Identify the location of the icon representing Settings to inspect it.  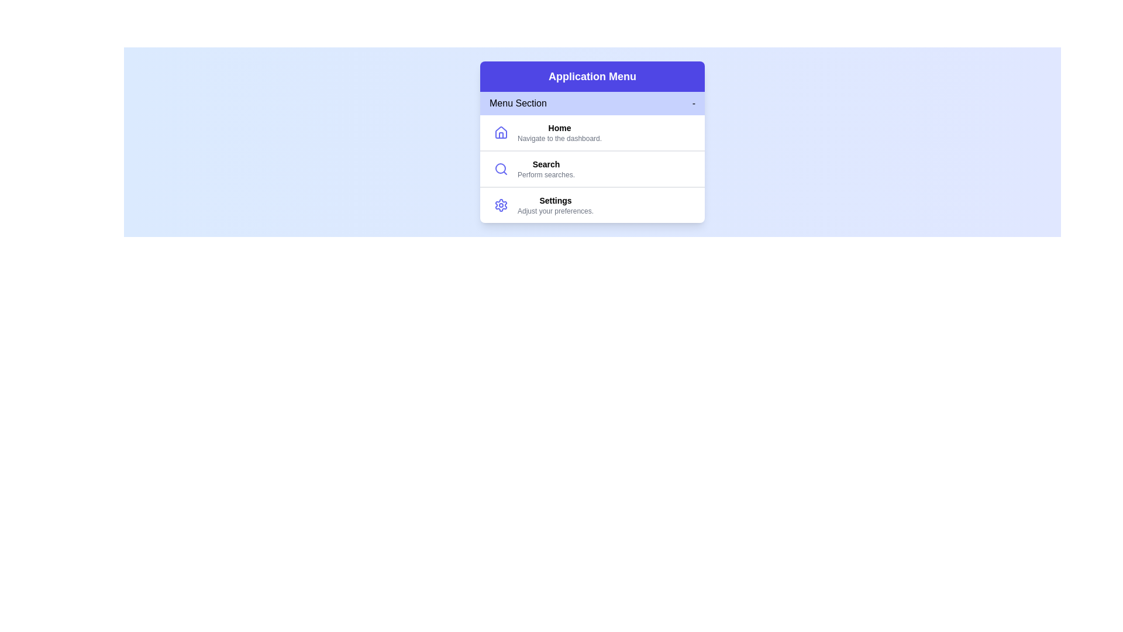
(501, 205).